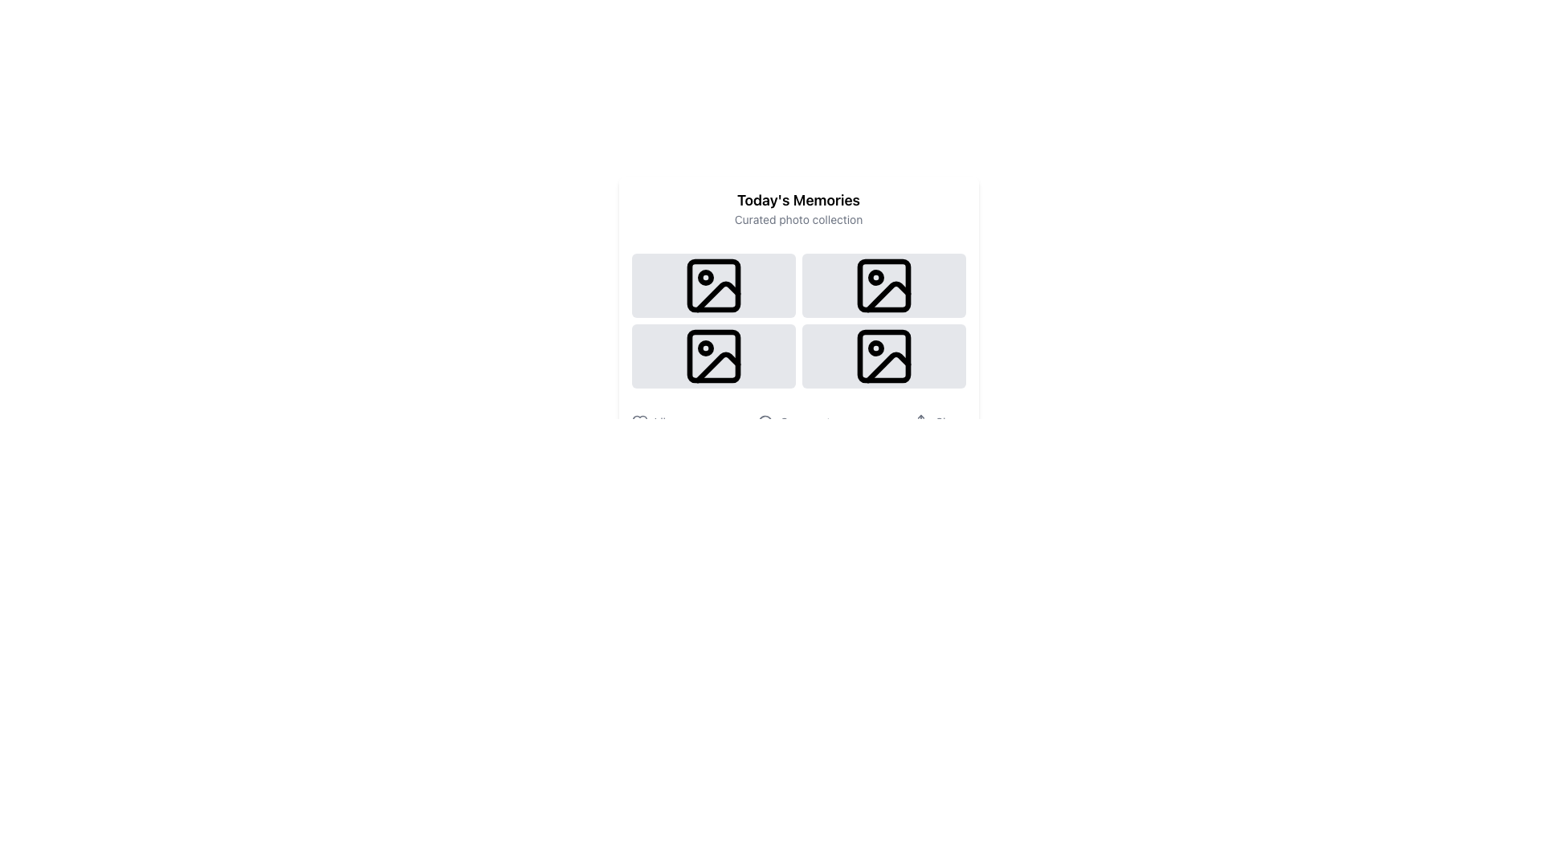  What do you see at coordinates (793, 421) in the screenshot?
I see `the 'Comment' button, which is the second button in a horizontal group beneath the grid of images` at bounding box center [793, 421].